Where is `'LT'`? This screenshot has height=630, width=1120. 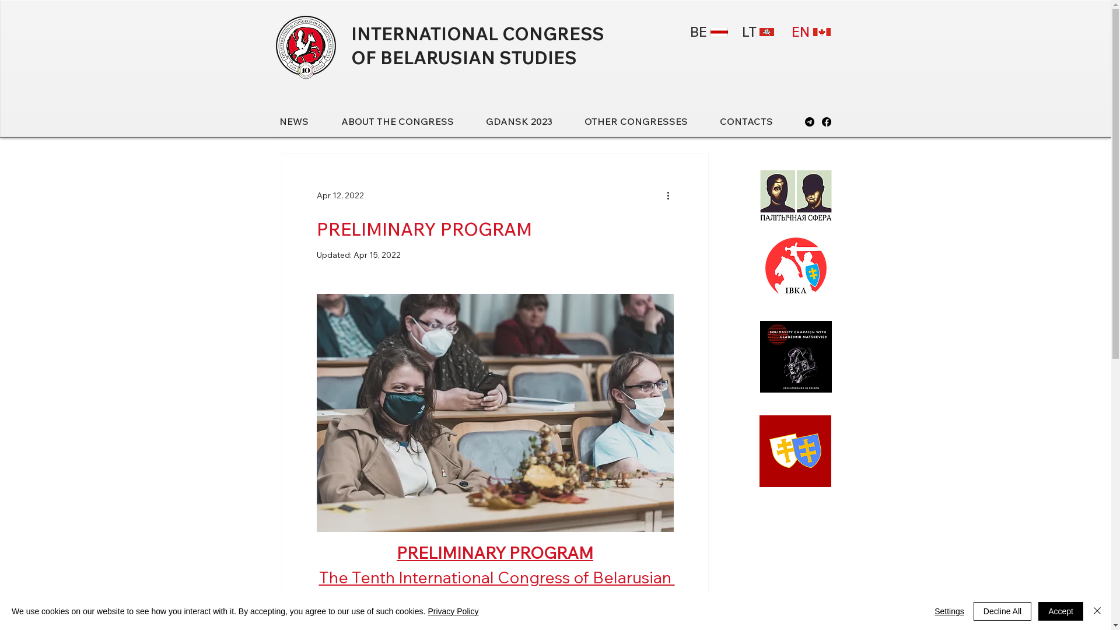
'LT' is located at coordinates (758, 31).